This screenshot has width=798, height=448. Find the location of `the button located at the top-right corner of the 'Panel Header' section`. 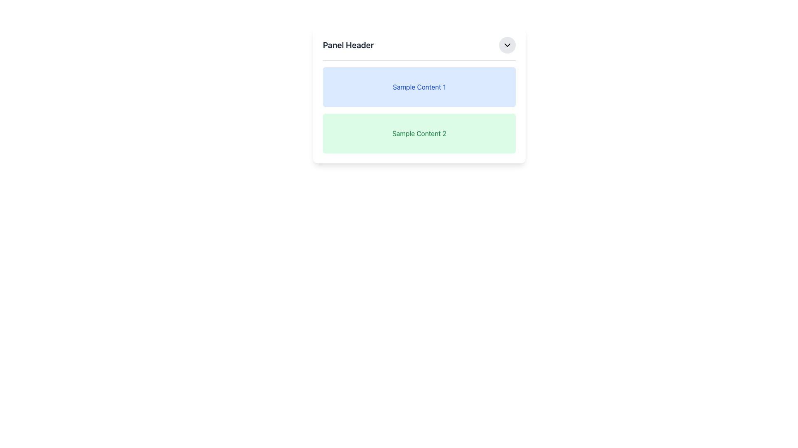

the button located at the top-right corner of the 'Panel Header' section is located at coordinates (507, 45).